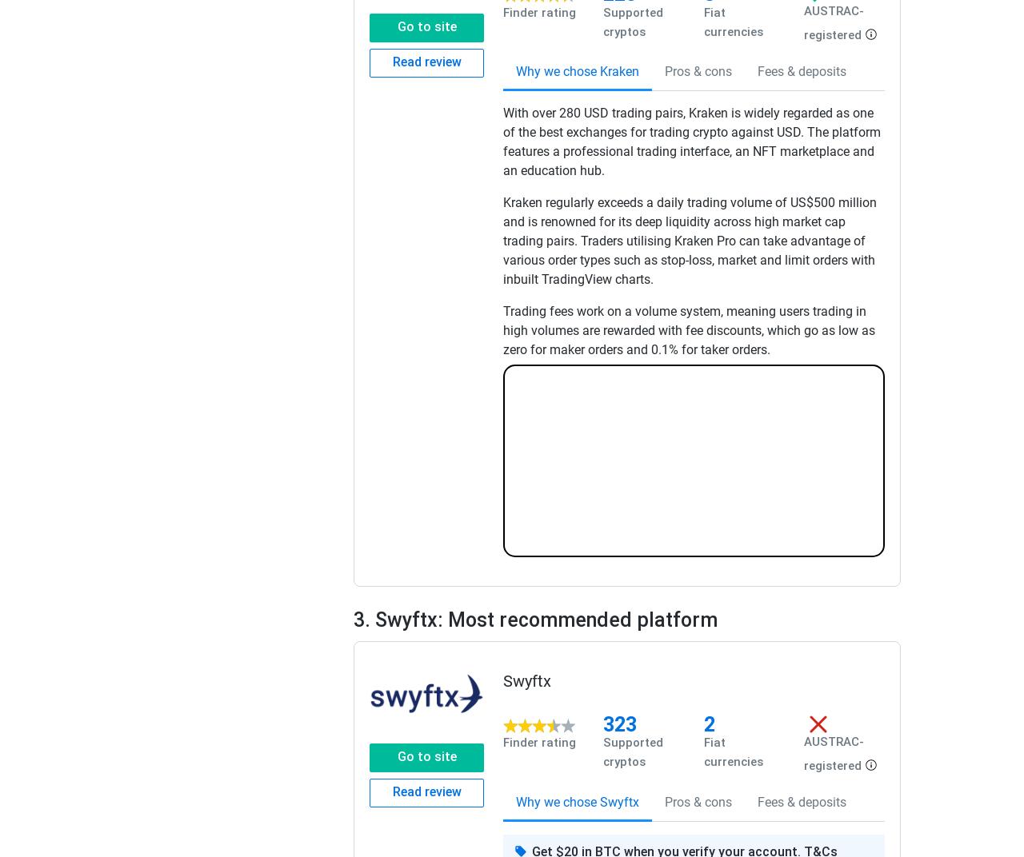  Describe the element at coordinates (535, 619) in the screenshot. I see `'3. Swyftx: Most recommended platform'` at that location.